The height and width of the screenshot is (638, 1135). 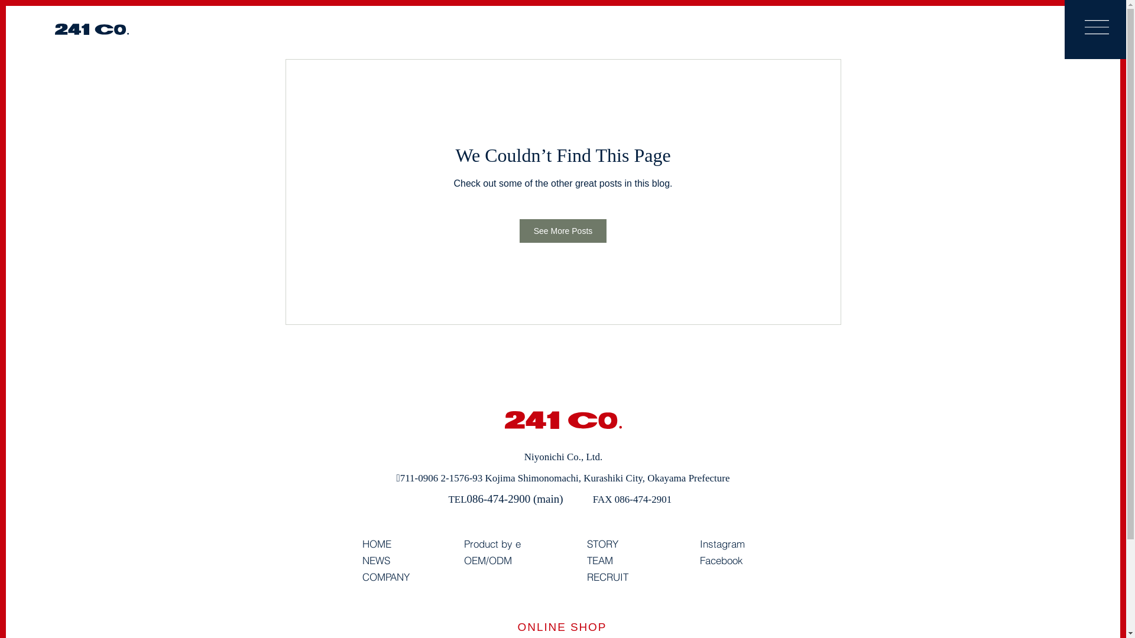 What do you see at coordinates (607, 577) in the screenshot?
I see `'RECRUIT'` at bounding box center [607, 577].